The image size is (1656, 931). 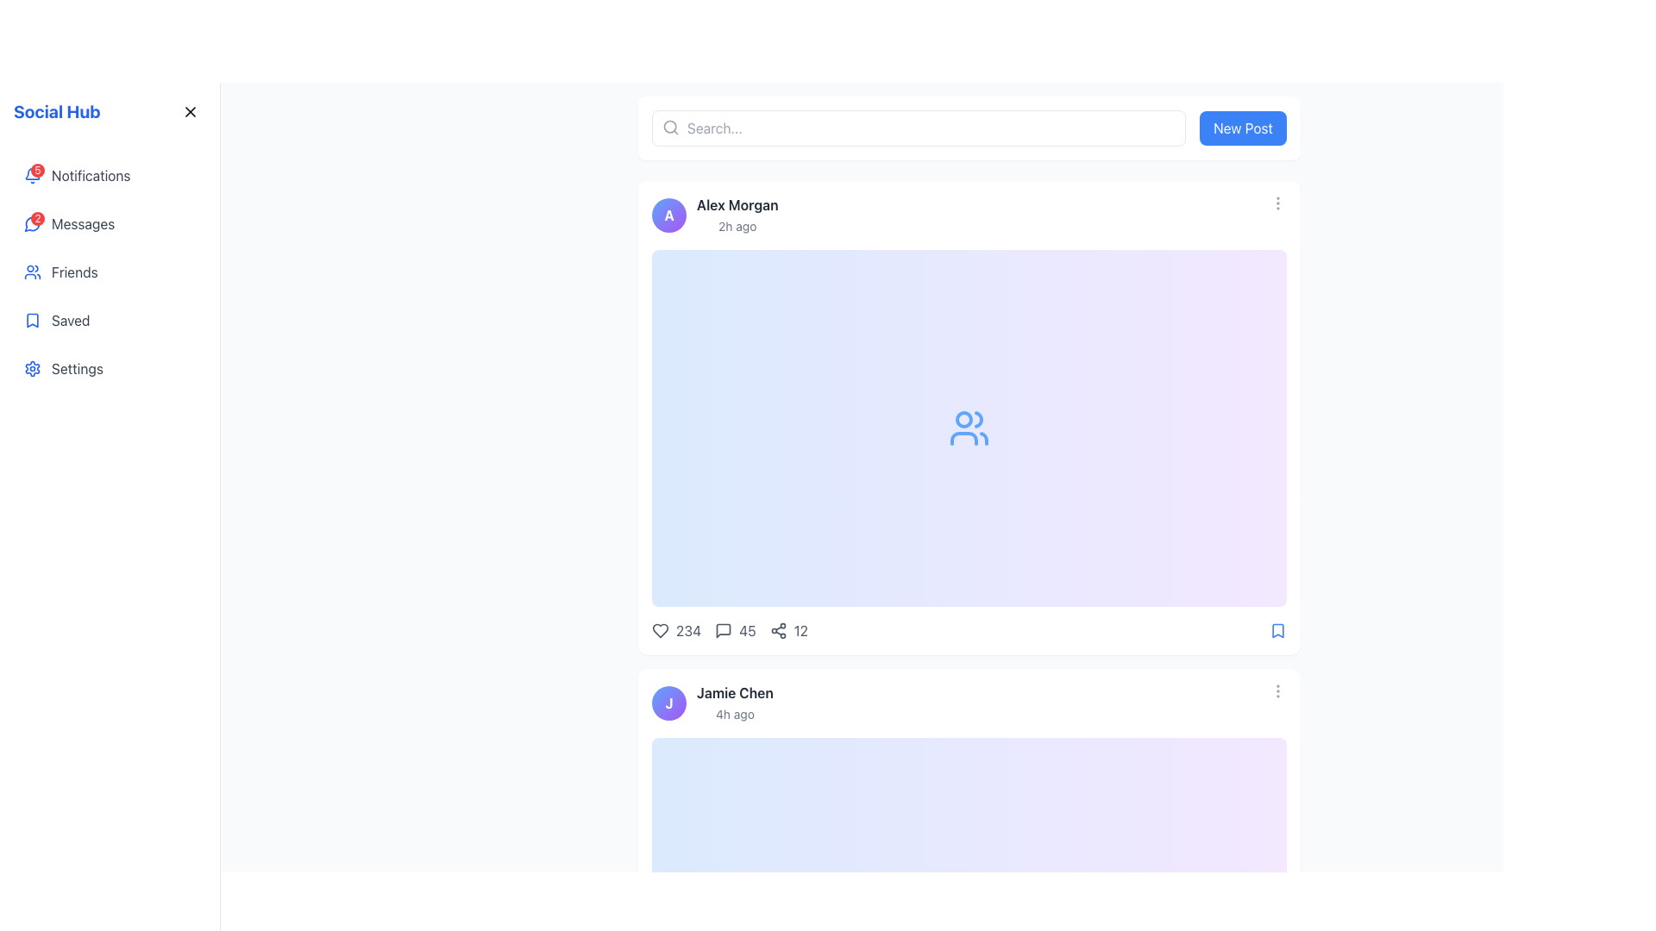 What do you see at coordinates (1278, 690) in the screenshot?
I see `the vertical ellipsis icon consisting of three gray dots located at the top-right corner of Jamie Chen's post to observe the color change` at bounding box center [1278, 690].